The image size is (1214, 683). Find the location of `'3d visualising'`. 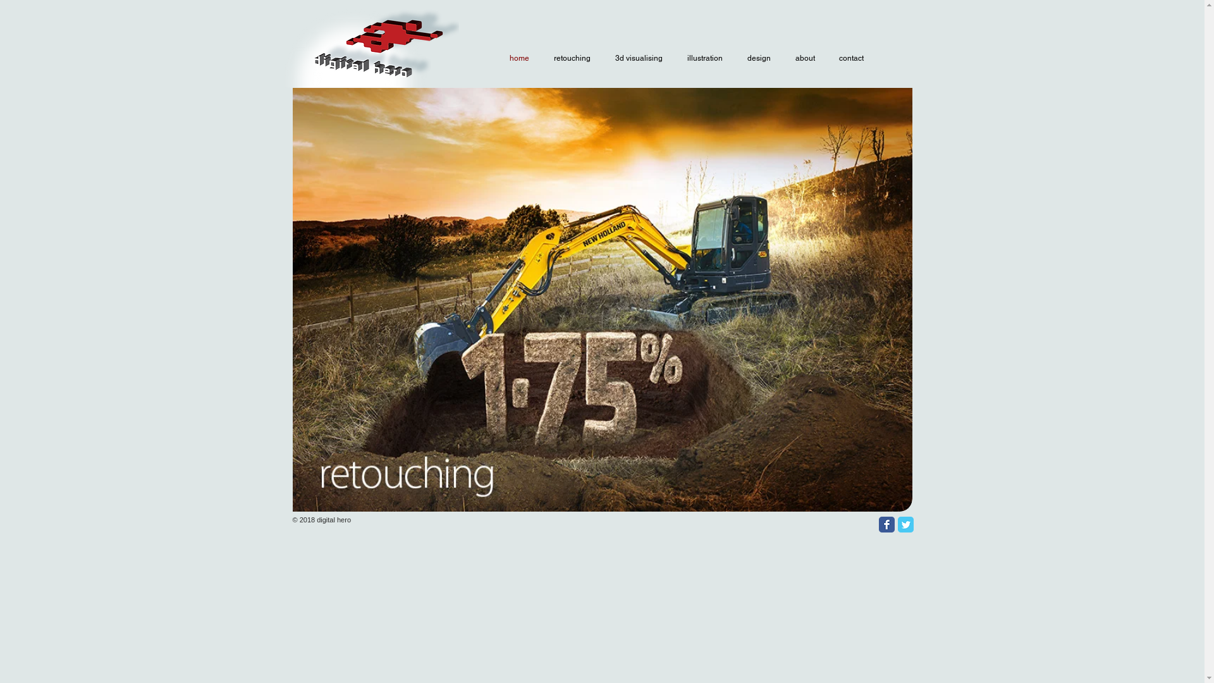

'3d visualising' is located at coordinates (637, 58).